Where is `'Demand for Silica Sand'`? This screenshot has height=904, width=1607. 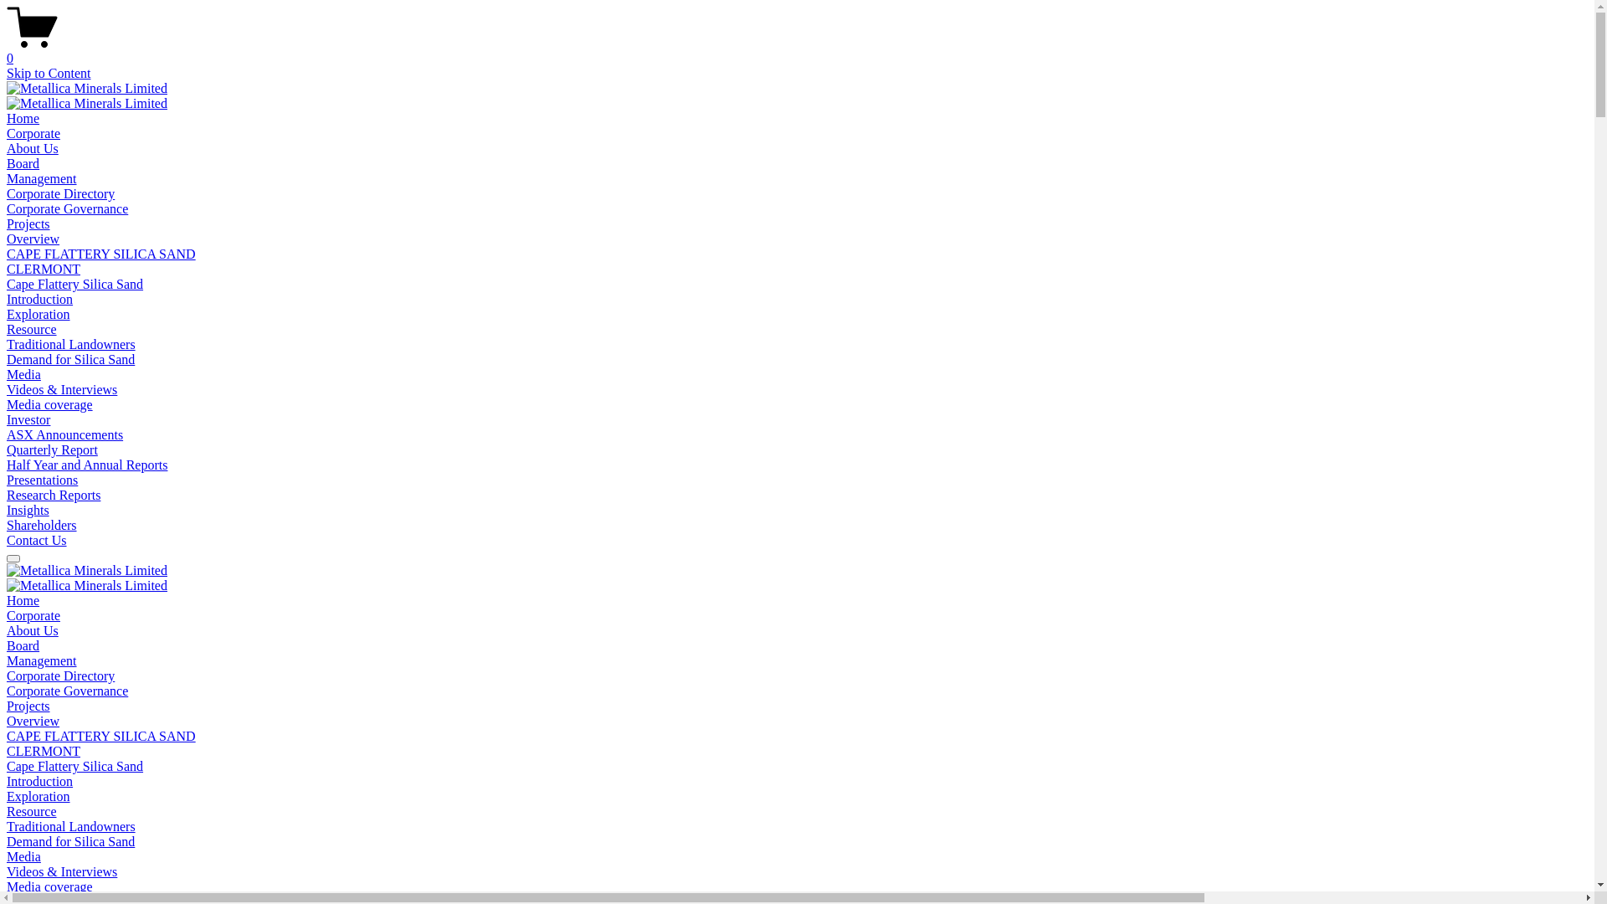 'Demand for Silica Sand' is located at coordinates (69, 358).